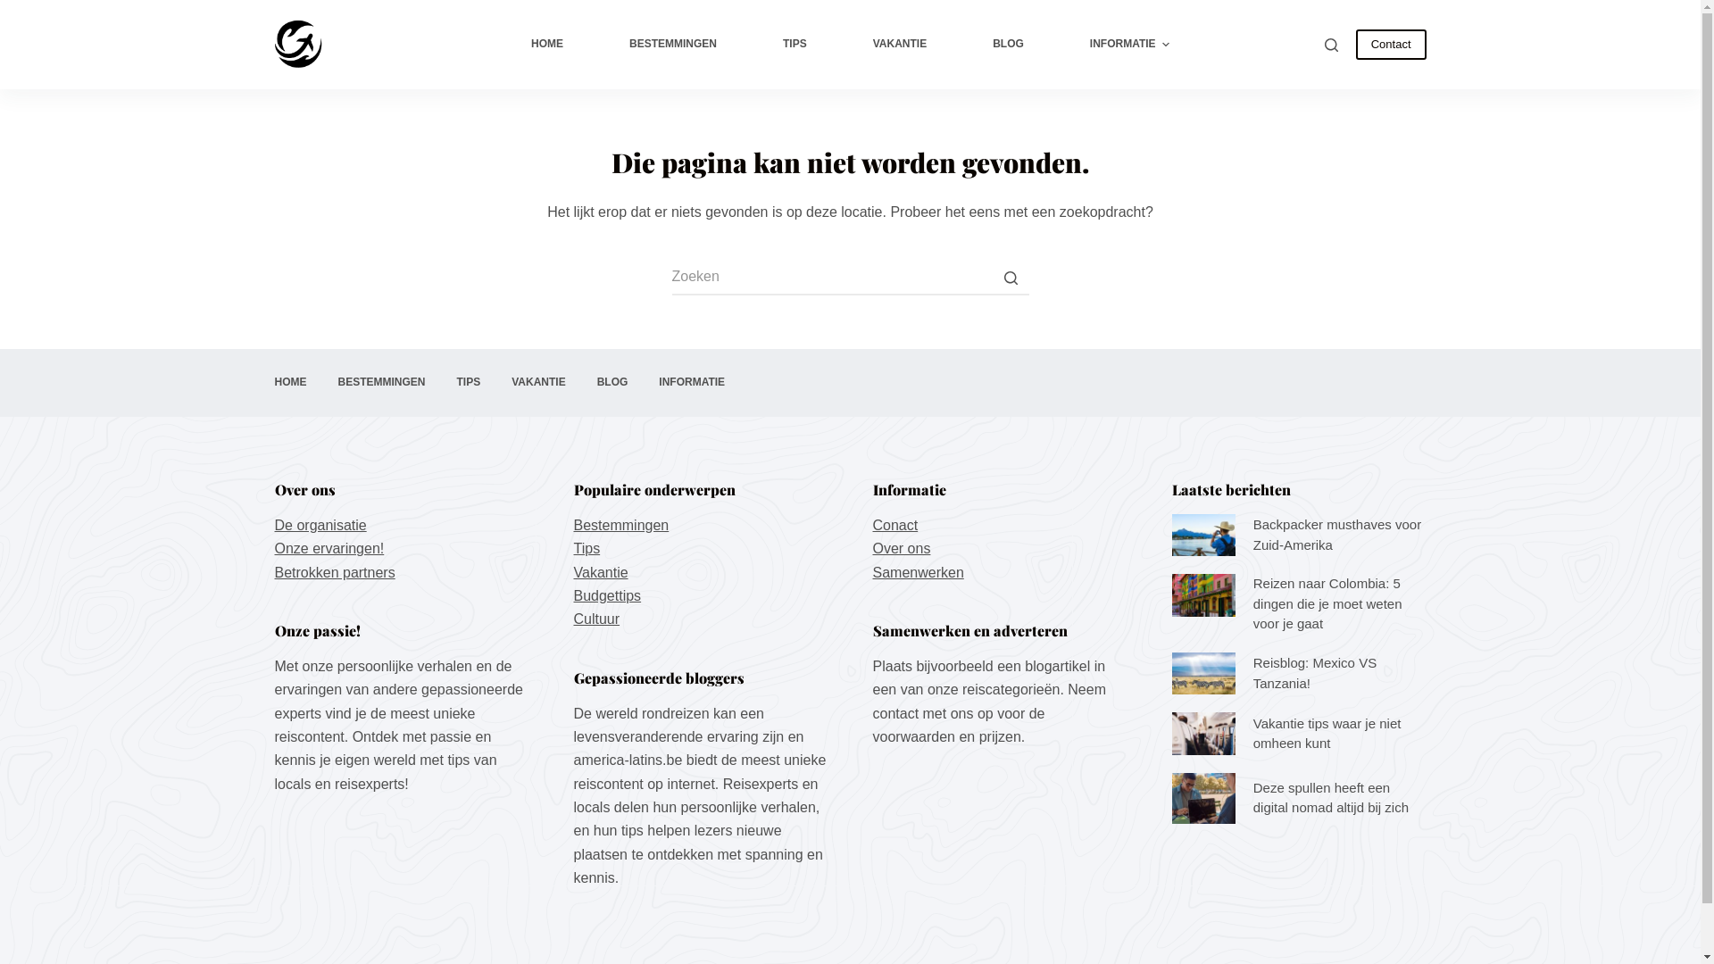 Image resolution: width=1714 pixels, height=964 pixels. I want to click on 'INFORMATIE', so click(1128, 44).